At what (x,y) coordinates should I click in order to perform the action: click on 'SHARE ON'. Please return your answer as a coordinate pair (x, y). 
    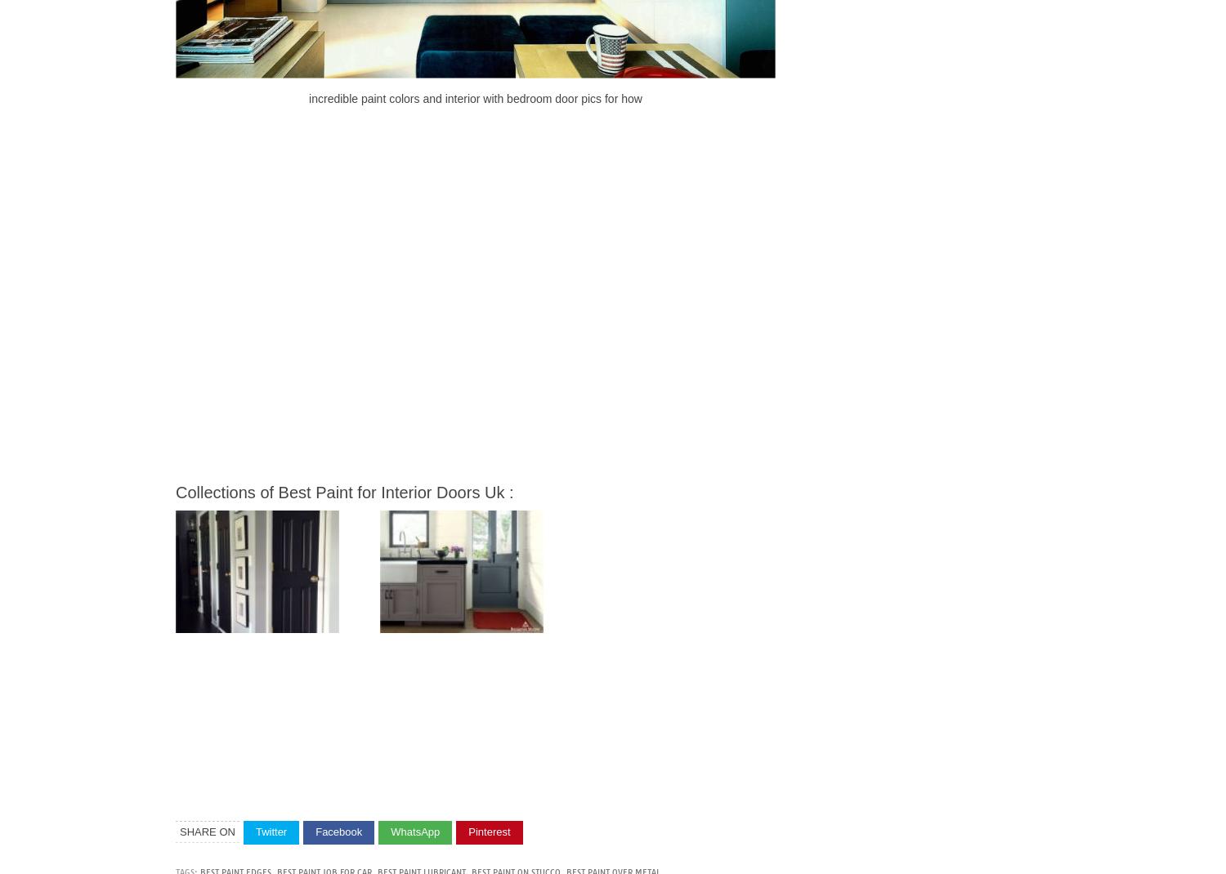
    Looking at the image, I should click on (207, 831).